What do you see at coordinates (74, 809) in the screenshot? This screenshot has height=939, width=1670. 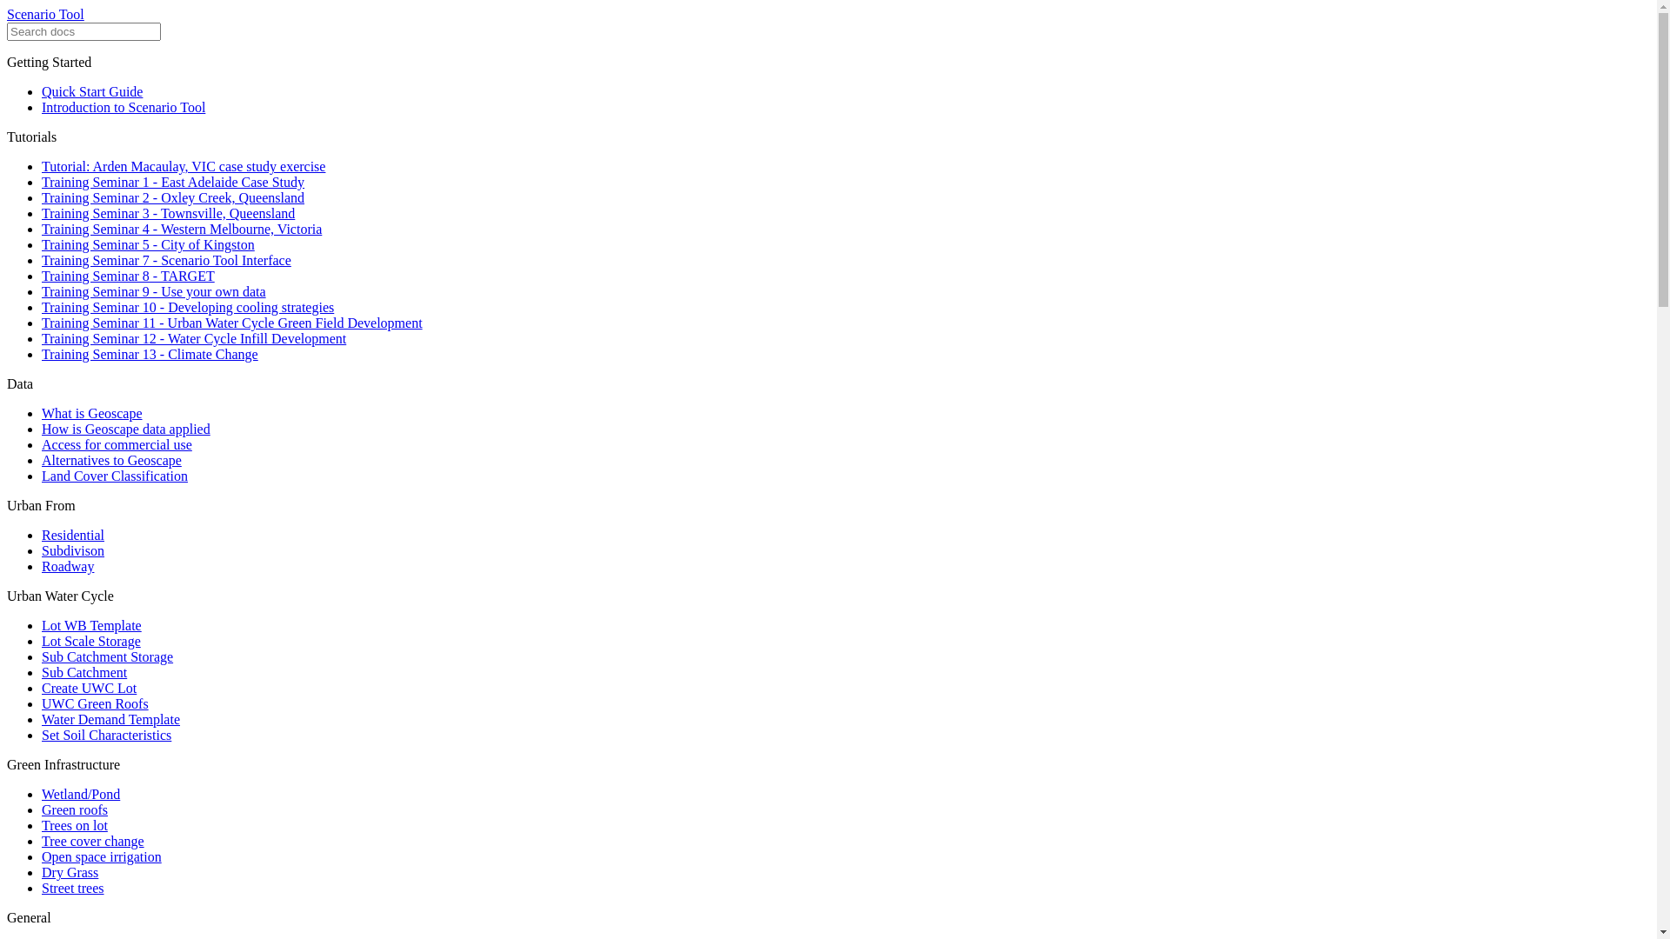 I see `'Green roofs'` at bounding box center [74, 809].